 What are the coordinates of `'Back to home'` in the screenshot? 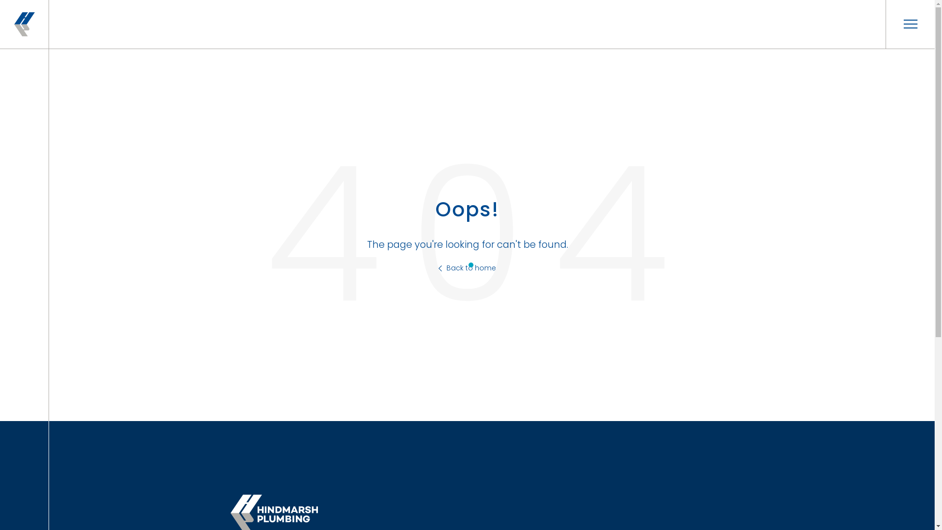 It's located at (438, 268).